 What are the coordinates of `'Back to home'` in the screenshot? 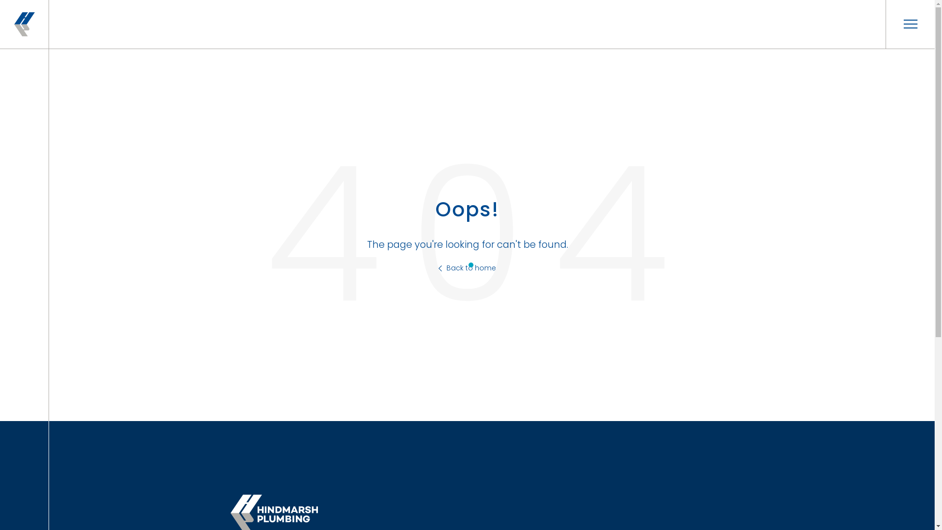 It's located at (438, 268).